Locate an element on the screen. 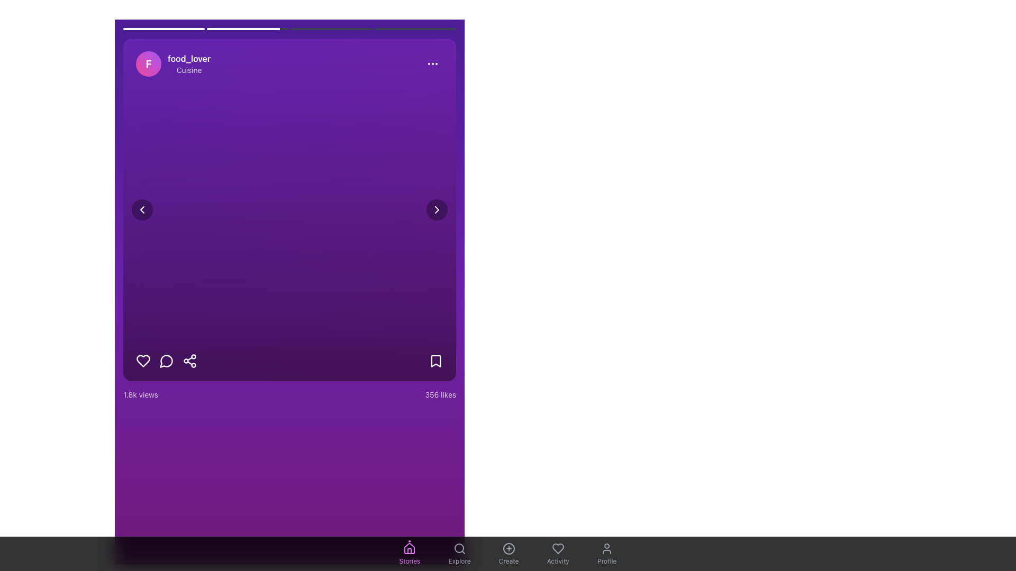  username label displaying 'travel_explorer' and its descriptor 'Adventure', located in the upper-left quadrant of the interface, to the right of the avatar icon is located at coordinates (198, 63).